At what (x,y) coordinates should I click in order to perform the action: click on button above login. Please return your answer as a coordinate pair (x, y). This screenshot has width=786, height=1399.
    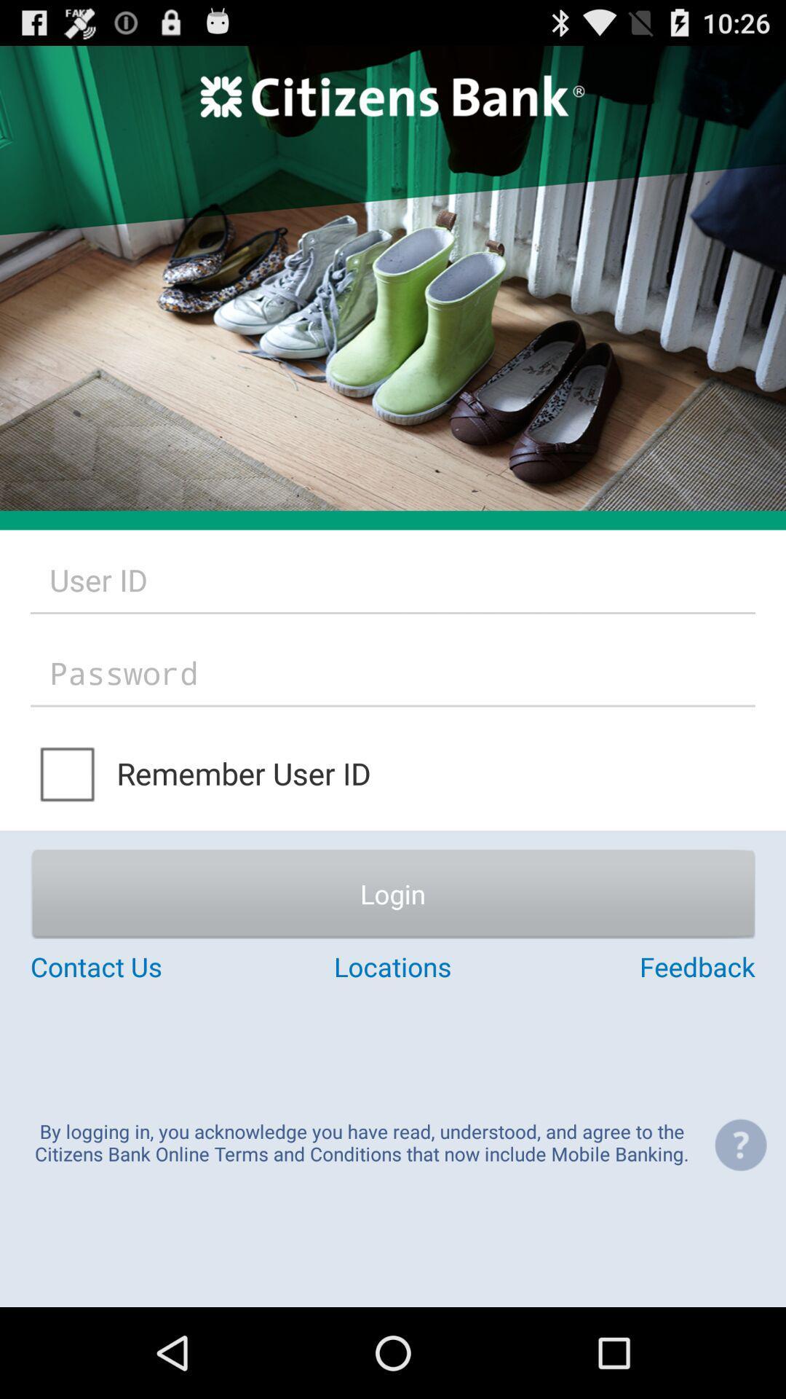
    Looking at the image, I should click on (68, 772).